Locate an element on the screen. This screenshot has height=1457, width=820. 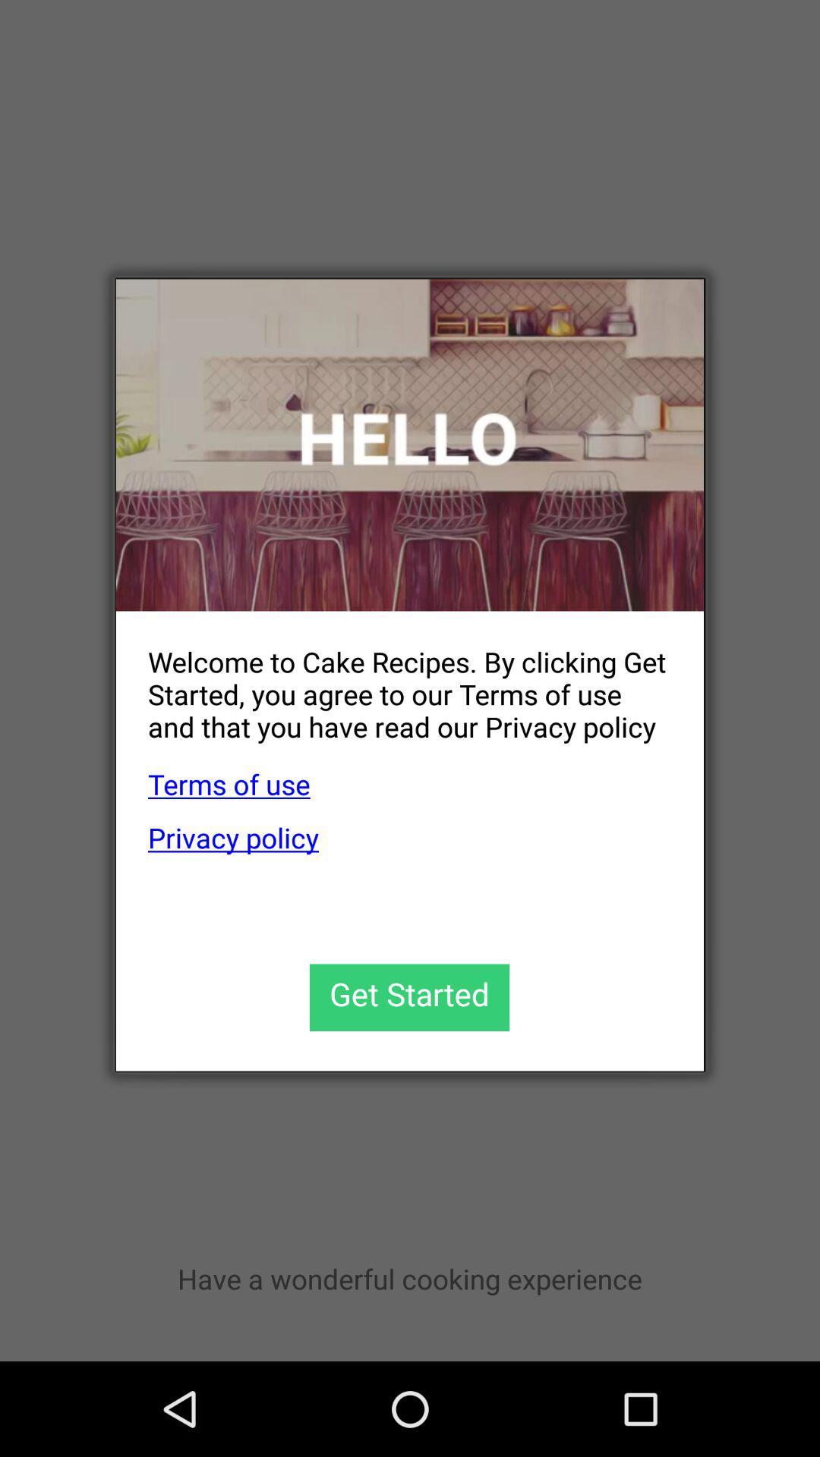
get started using the app is located at coordinates (408, 997).